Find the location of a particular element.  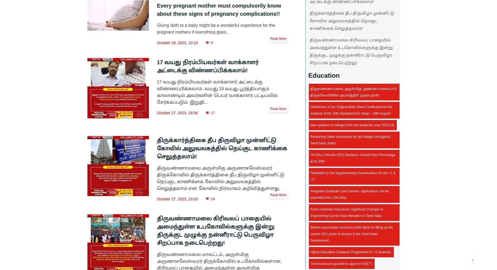

'Higher Education Guidance Programme for +2 students!' is located at coordinates (351, 252).